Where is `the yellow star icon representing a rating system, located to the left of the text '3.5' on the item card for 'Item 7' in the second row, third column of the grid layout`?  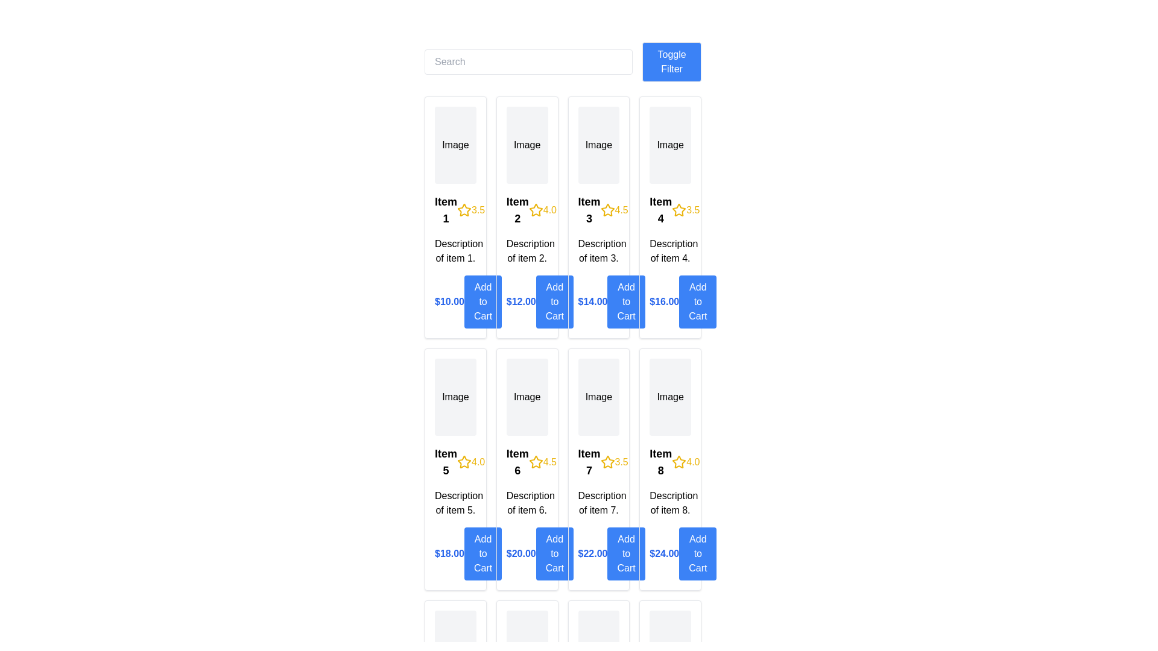
the yellow star icon representing a rating system, located to the left of the text '3.5' on the item card for 'Item 7' in the second row, third column of the grid layout is located at coordinates (607, 462).